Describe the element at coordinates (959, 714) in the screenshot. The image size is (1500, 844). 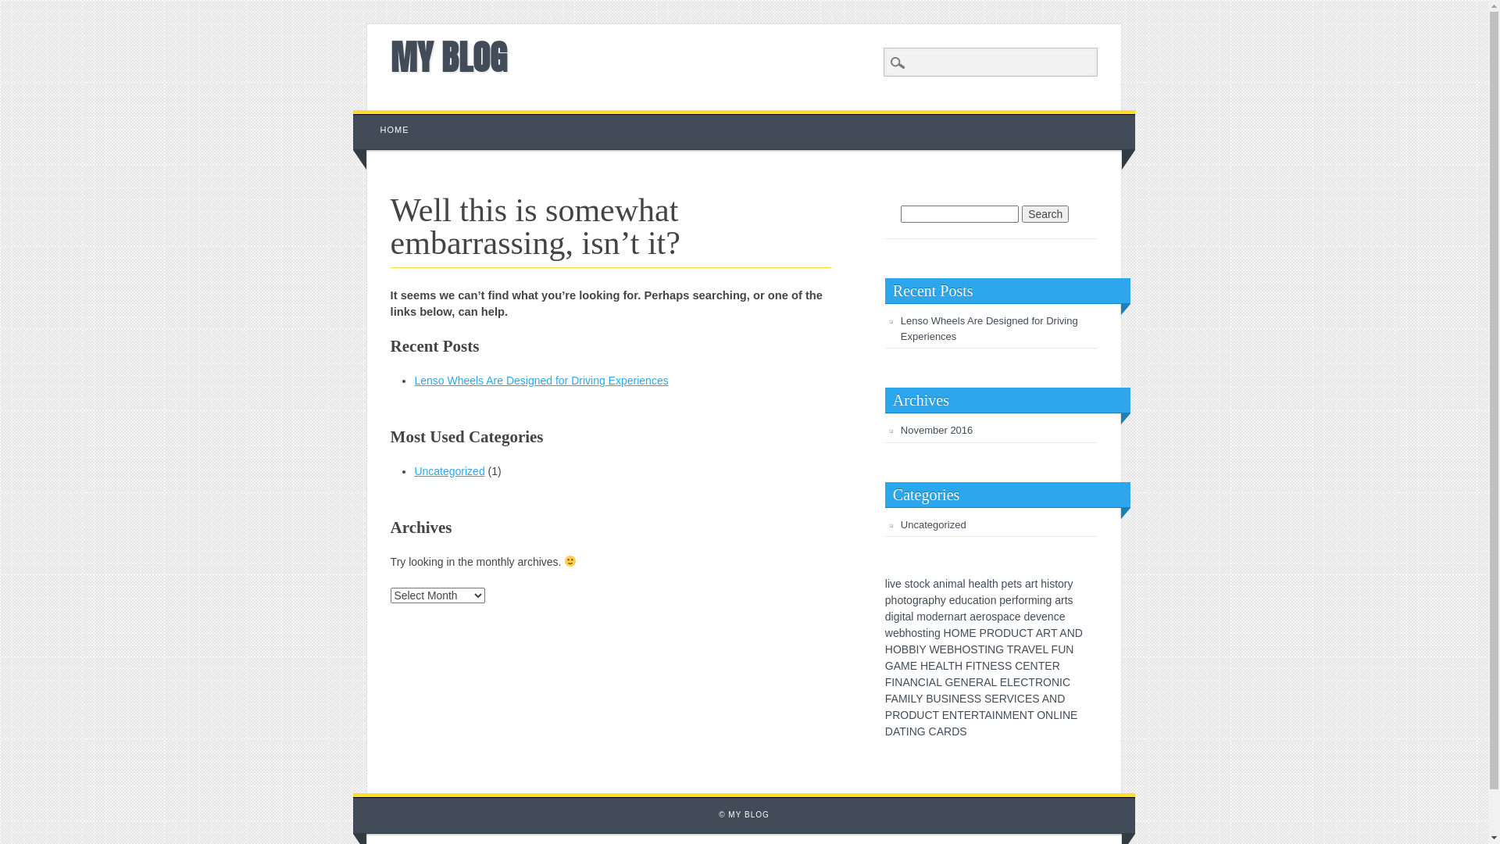
I see `'T'` at that location.